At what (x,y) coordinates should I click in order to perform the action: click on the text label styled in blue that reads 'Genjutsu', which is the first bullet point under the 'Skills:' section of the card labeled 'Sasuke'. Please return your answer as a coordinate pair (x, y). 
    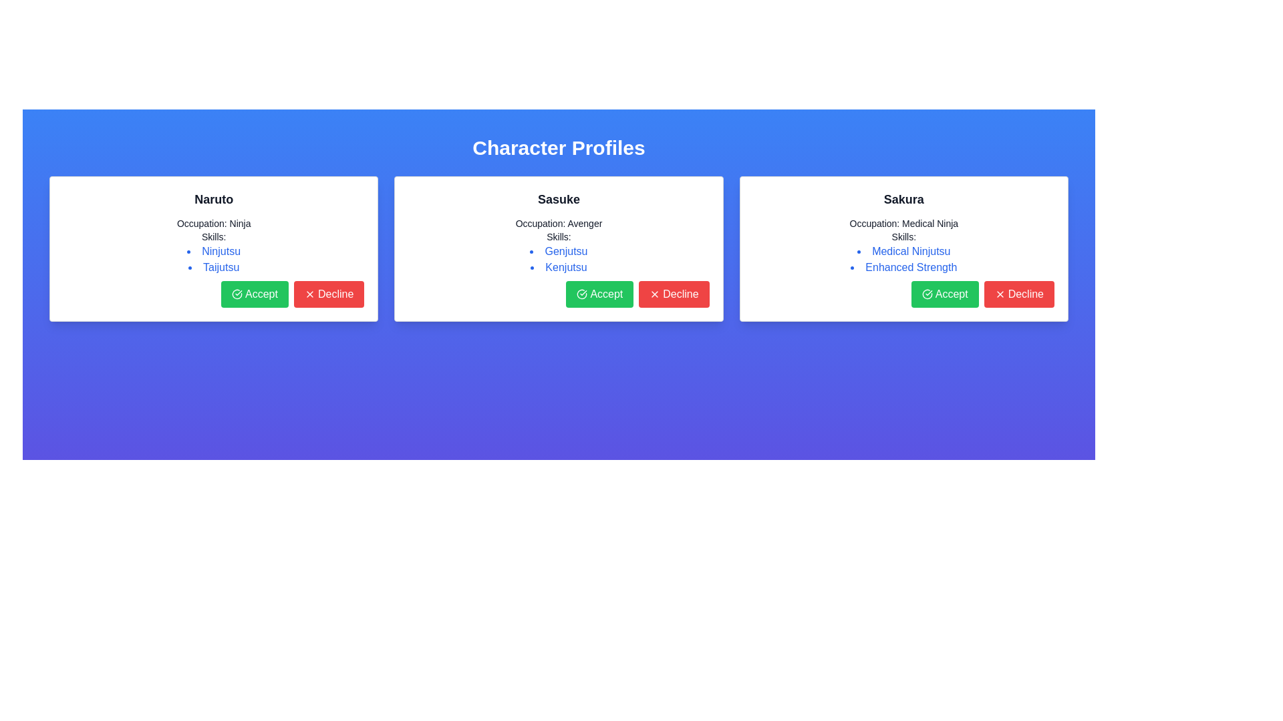
    Looking at the image, I should click on (559, 252).